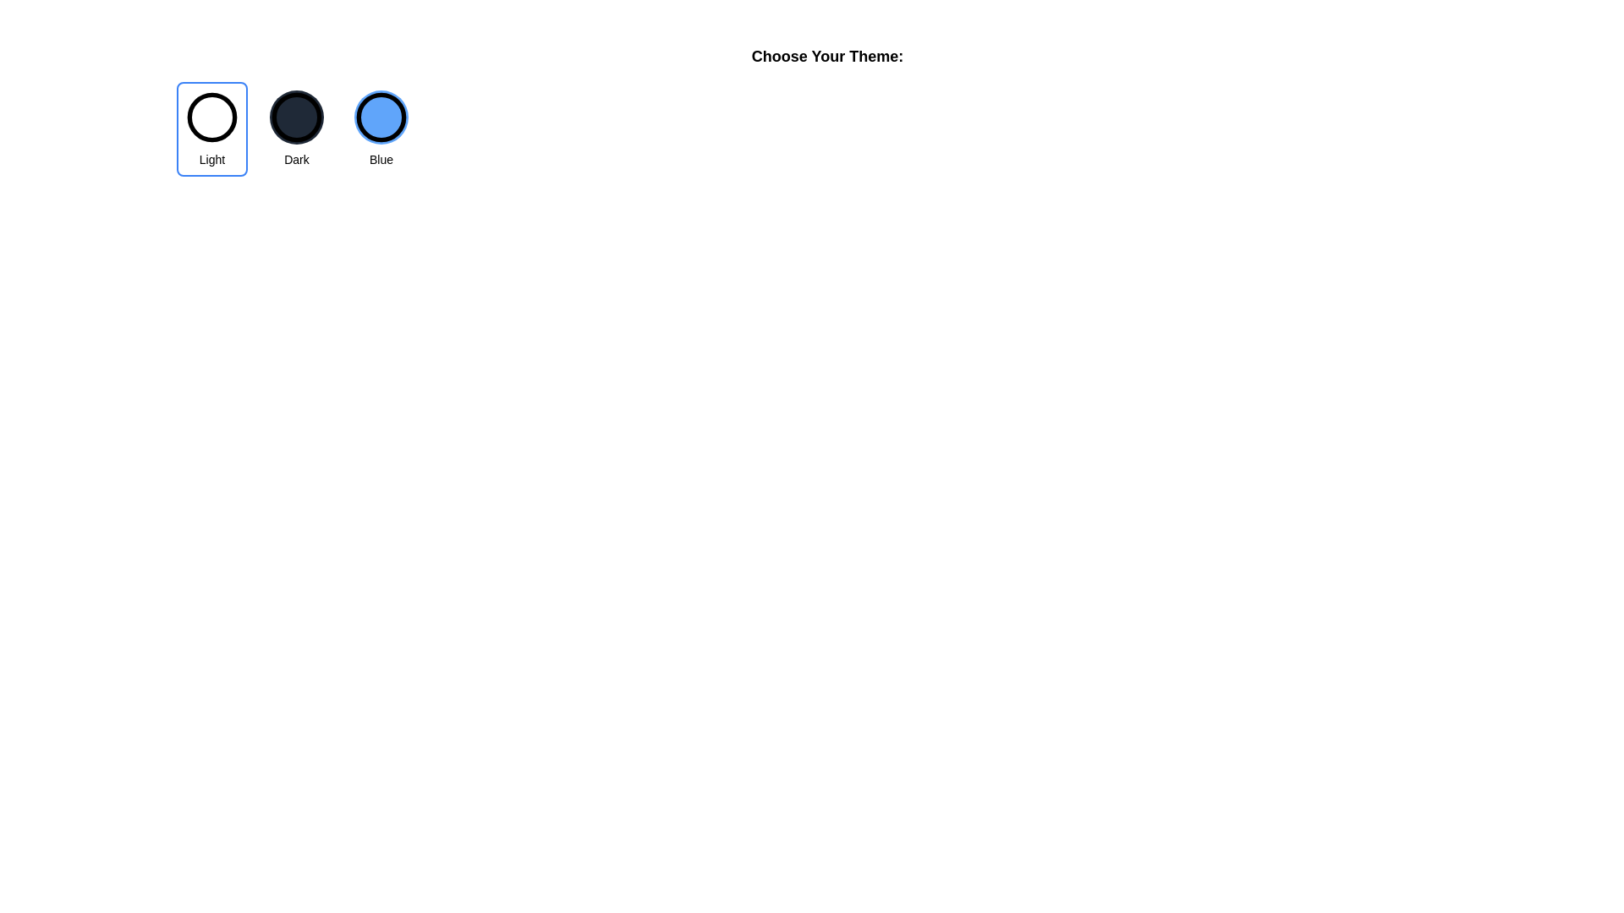 Image resolution: width=1624 pixels, height=913 pixels. What do you see at coordinates (211, 128) in the screenshot?
I see `the 'Light' button which is a rectangular button with a circular icon and the label 'Light' below it, located at the leftmost position of the theme selection options` at bounding box center [211, 128].